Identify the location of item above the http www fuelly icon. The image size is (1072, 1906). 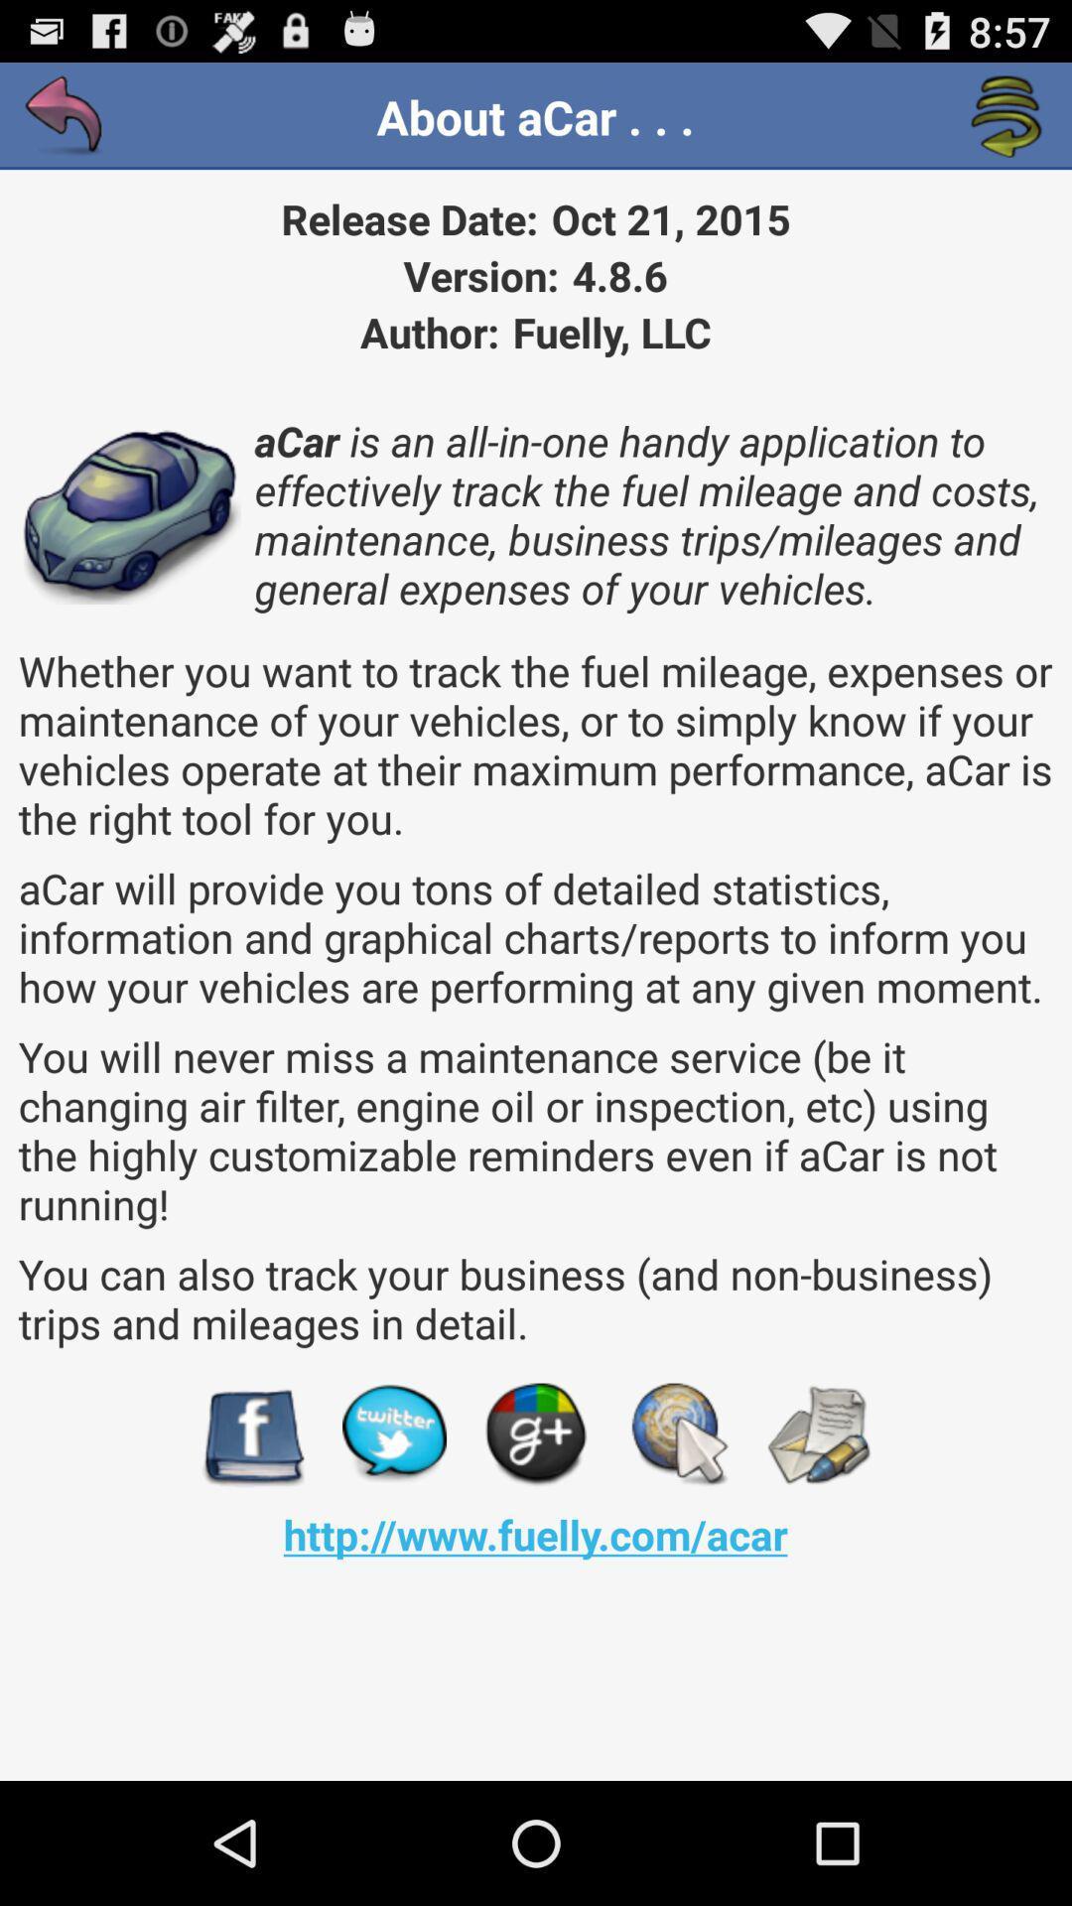
(536, 1434).